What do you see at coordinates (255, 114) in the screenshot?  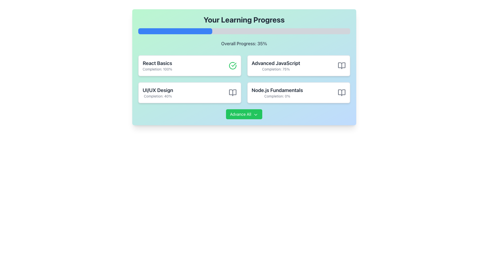 I see `the downwards-facing chevron icon within the 'Advance All' button` at bounding box center [255, 114].